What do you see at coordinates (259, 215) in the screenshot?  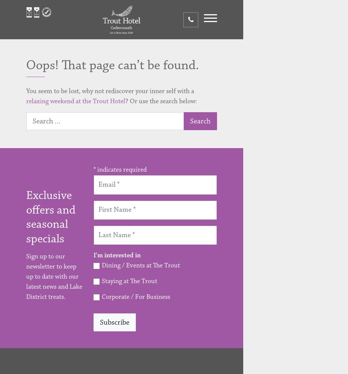 I see `'Journal'` at bounding box center [259, 215].